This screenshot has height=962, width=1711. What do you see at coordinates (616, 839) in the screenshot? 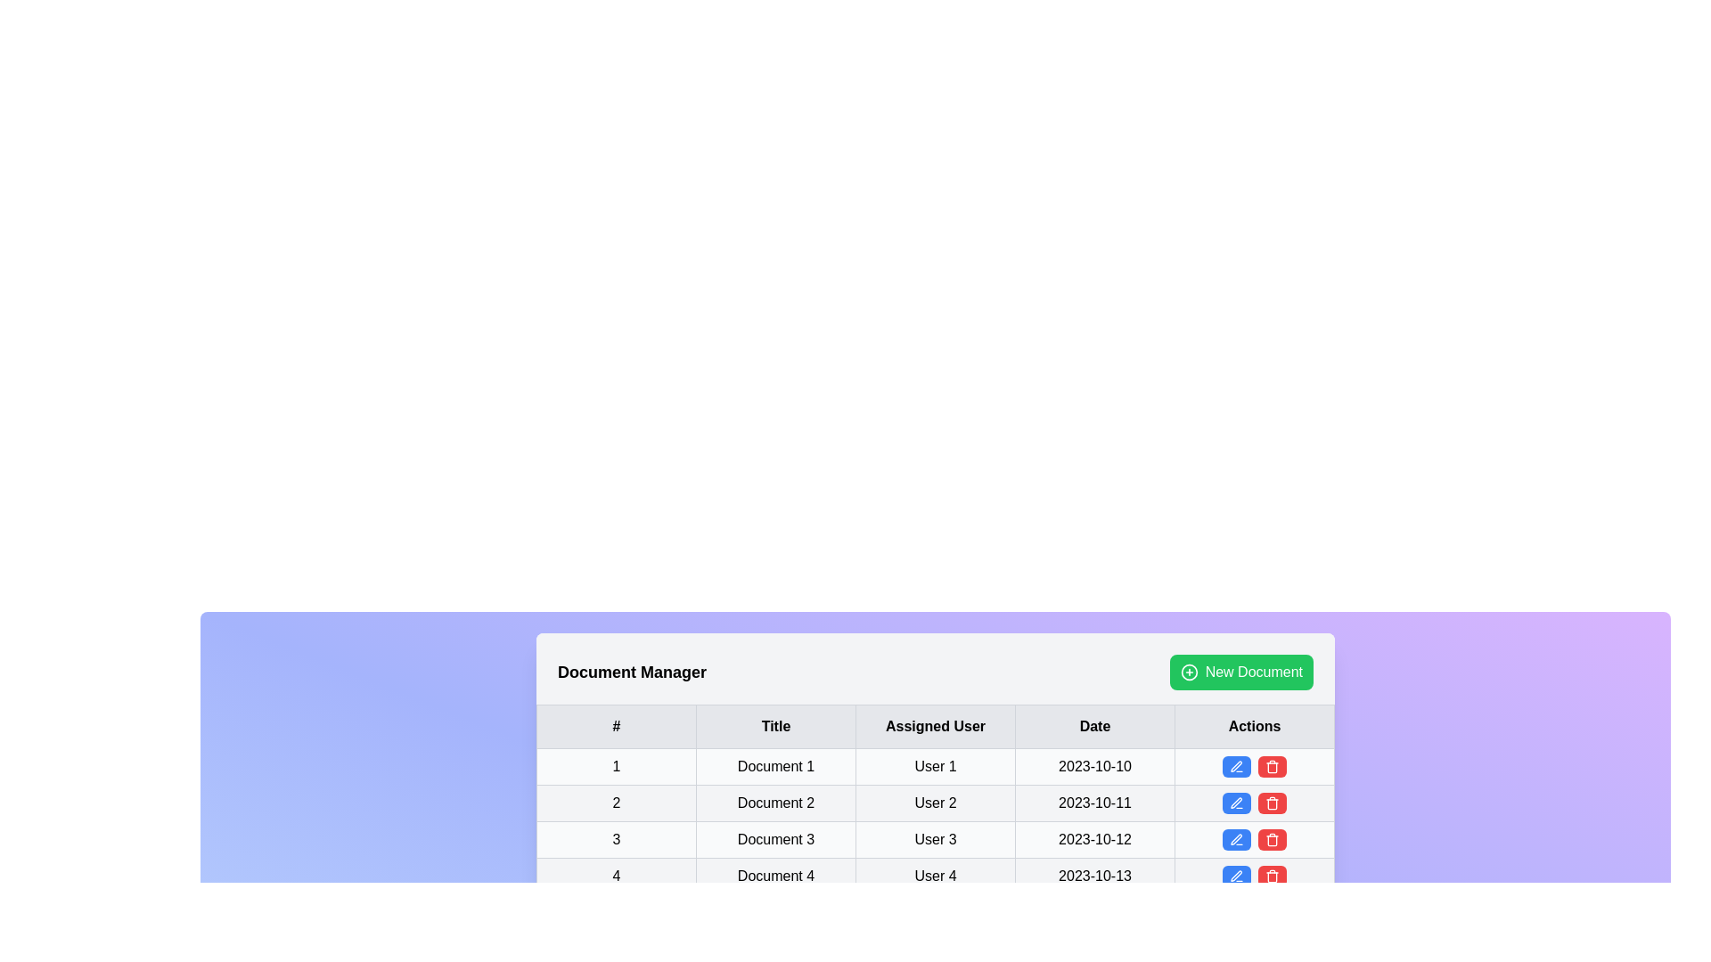
I see `on the table cell in the third row under the '#' column, which identifies 'Document 3' in the 'Document Manager' section` at bounding box center [616, 839].